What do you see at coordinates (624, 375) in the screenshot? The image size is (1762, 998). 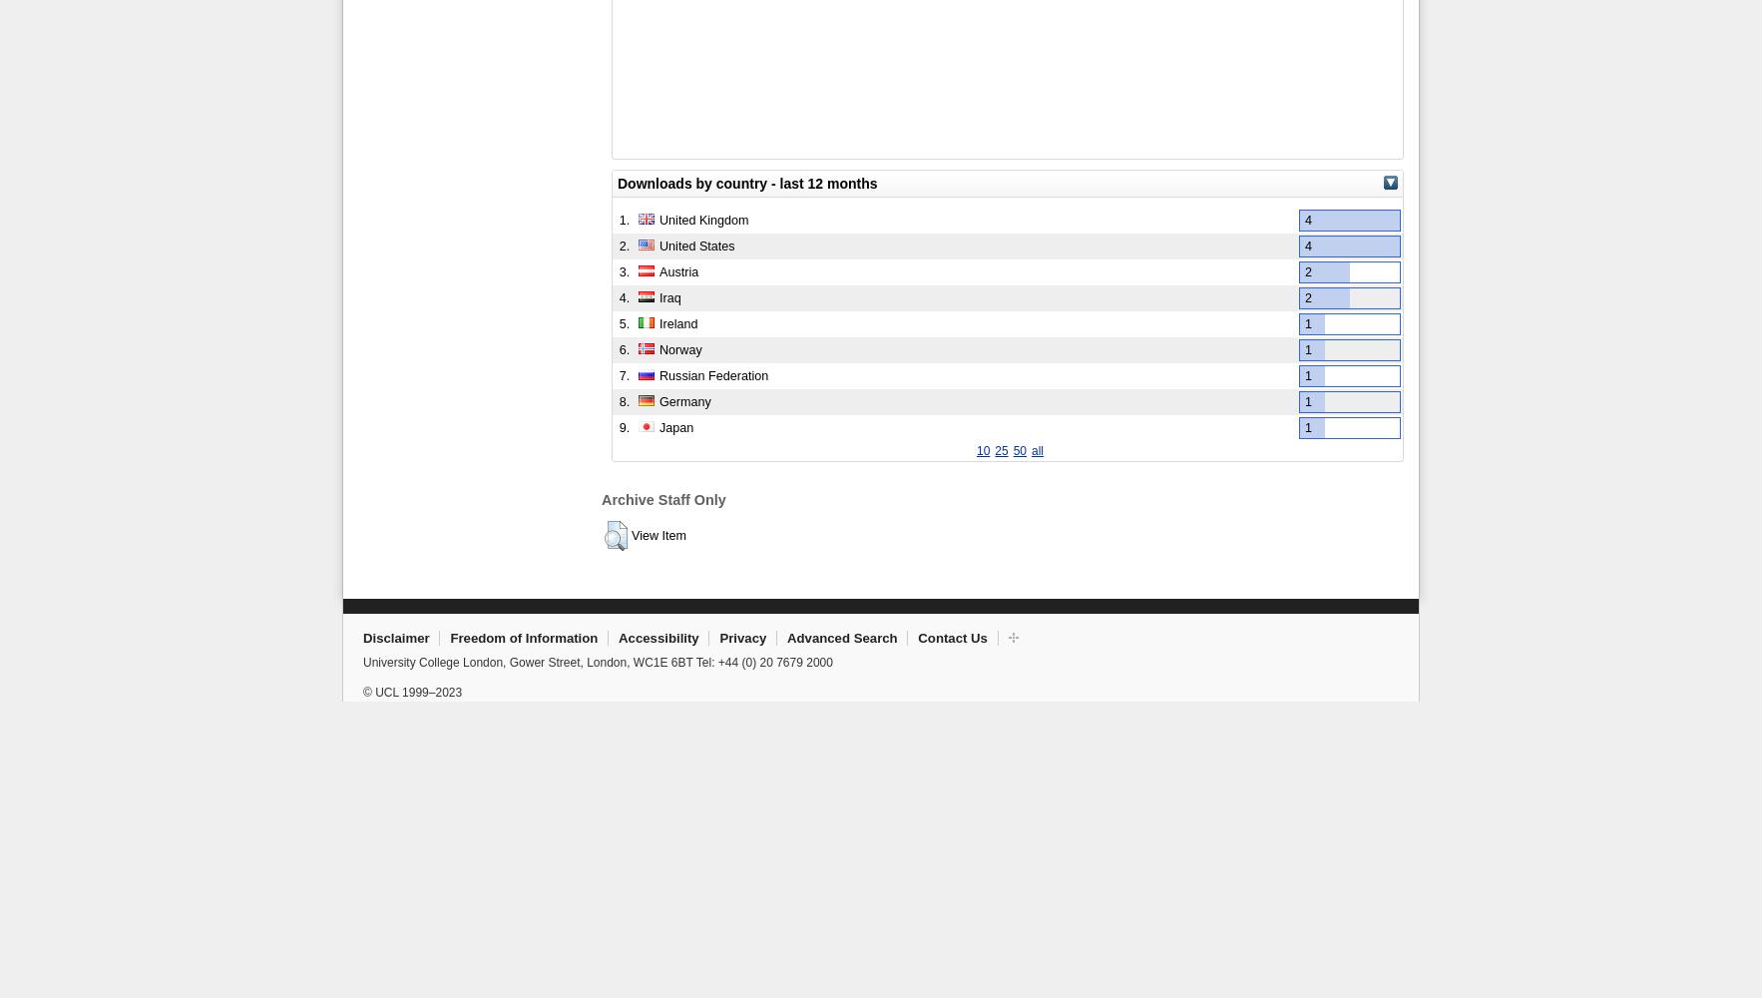 I see `'7.'` at bounding box center [624, 375].